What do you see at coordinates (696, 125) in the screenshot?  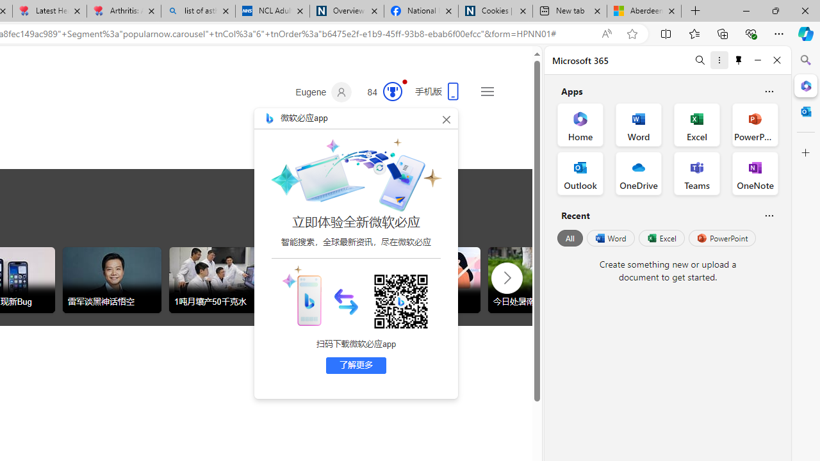 I see `'Excel Office App'` at bounding box center [696, 125].